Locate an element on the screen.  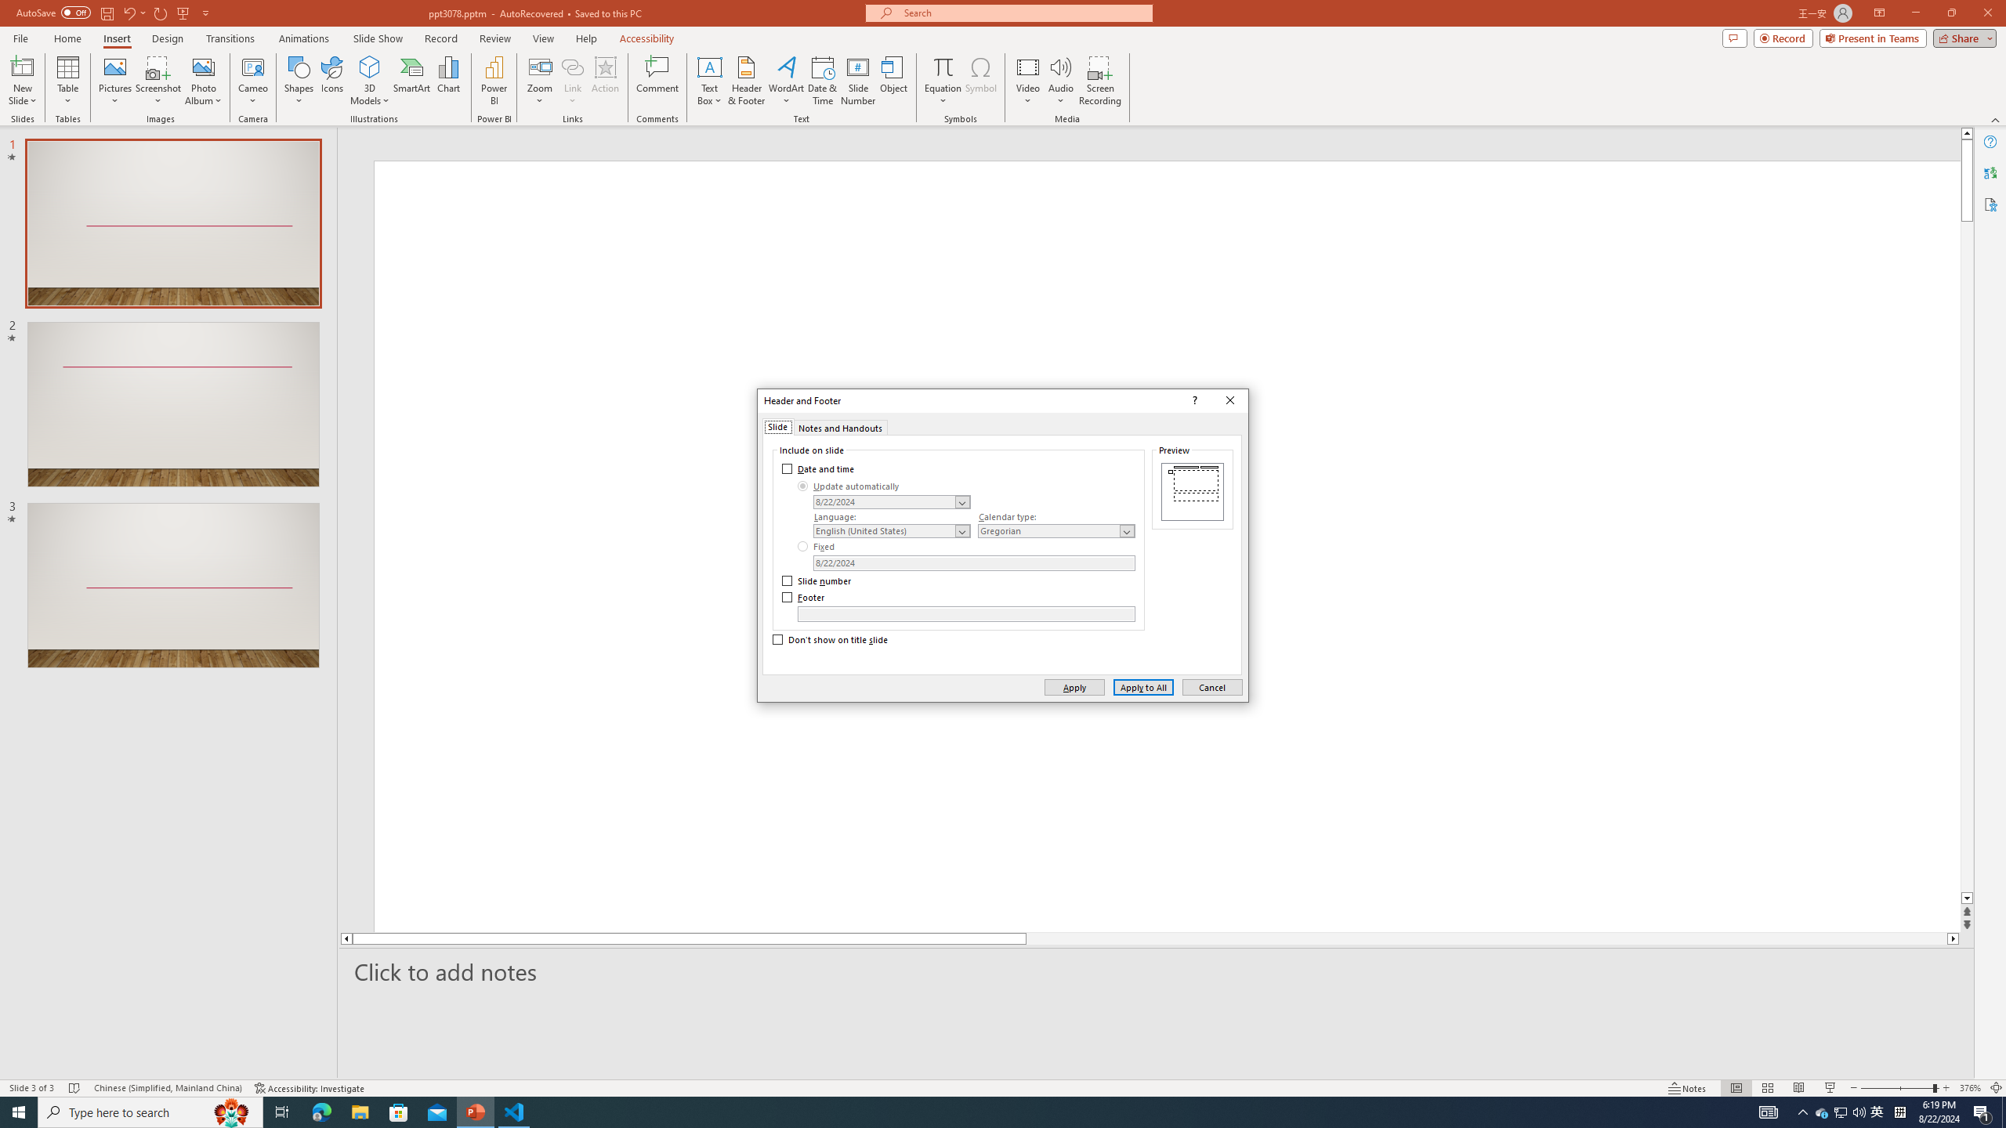
'Fixed Date' is located at coordinates (973, 562).